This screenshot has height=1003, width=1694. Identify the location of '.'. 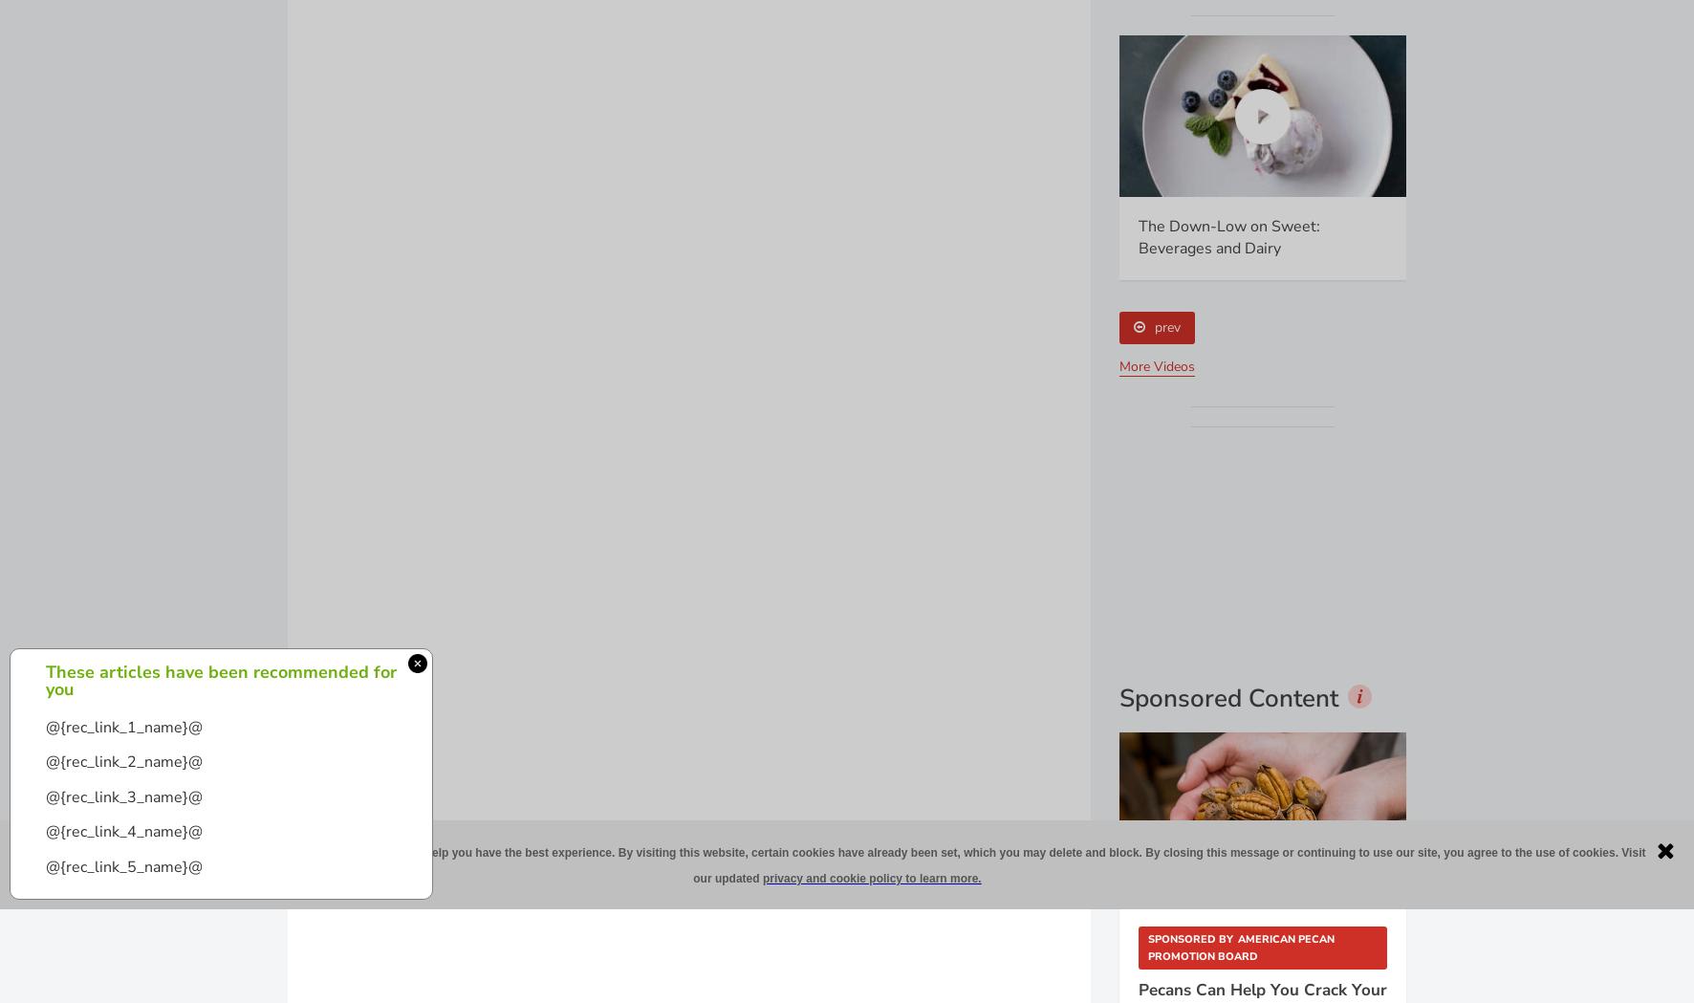
(1321, 615).